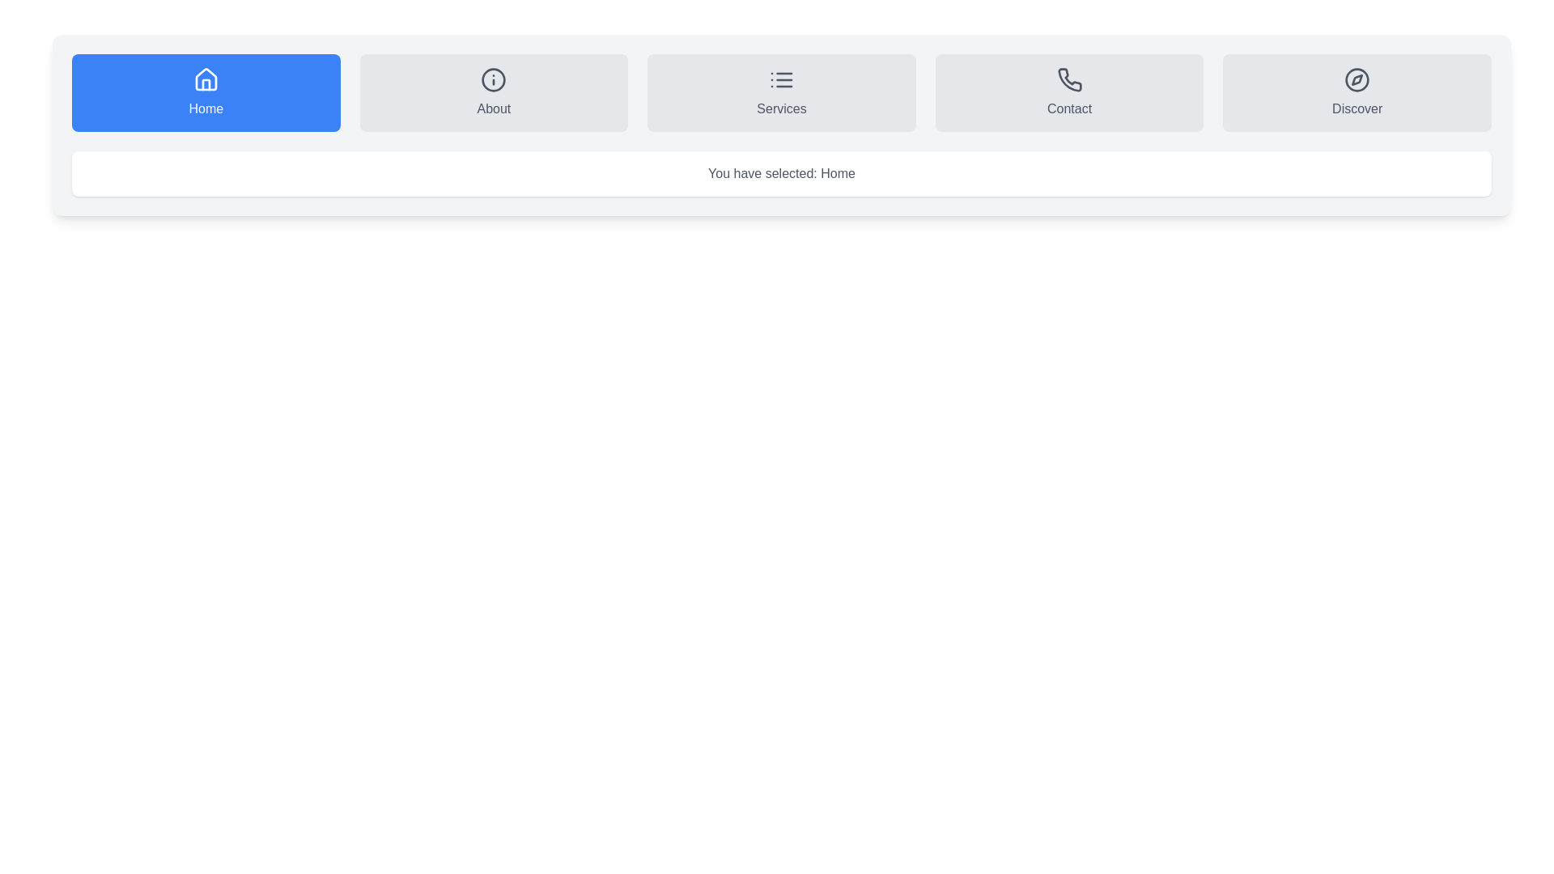 The width and height of the screenshot is (1554, 874). Describe the element at coordinates (205, 84) in the screenshot. I see `the lower portion of the house-shaped icon representing the 'Home' button in the navigation bar` at that location.